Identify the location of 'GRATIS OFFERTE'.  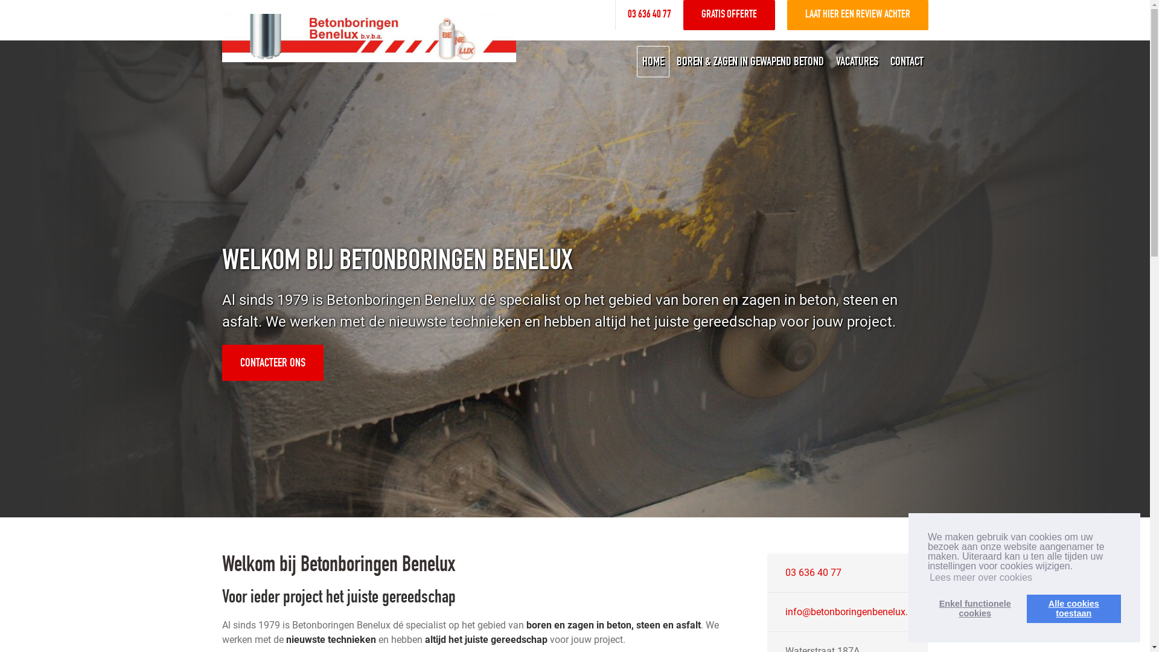
(729, 14).